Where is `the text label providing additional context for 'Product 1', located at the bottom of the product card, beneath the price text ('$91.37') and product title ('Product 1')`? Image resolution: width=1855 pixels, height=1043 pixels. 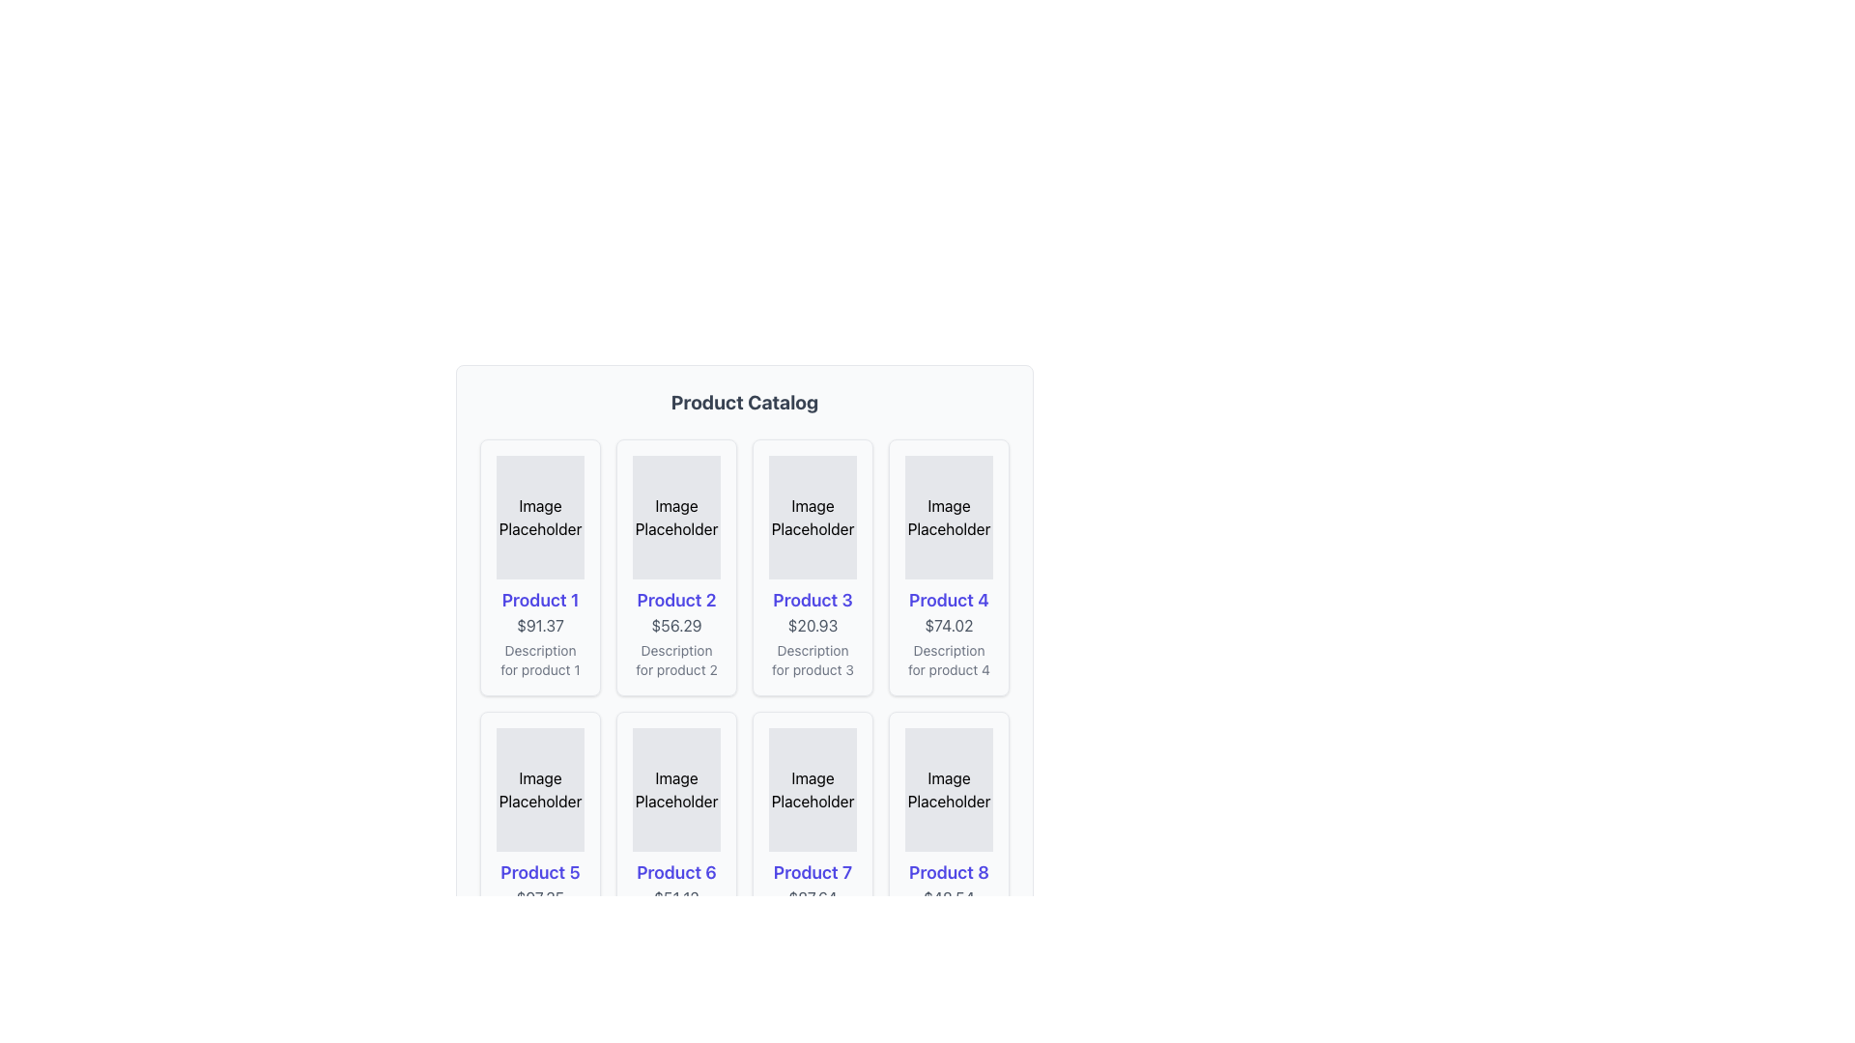
the text label providing additional context for 'Product 1', located at the bottom of the product card, beneath the price text ('$91.37') and product title ('Product 1') is located at coordinates (540, 659).